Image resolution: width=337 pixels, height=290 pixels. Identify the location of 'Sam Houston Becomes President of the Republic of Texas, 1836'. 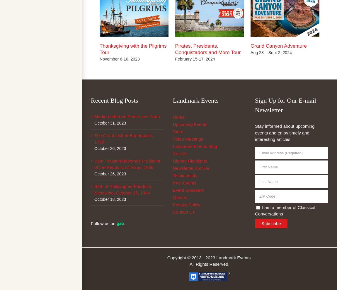
(127, 164).